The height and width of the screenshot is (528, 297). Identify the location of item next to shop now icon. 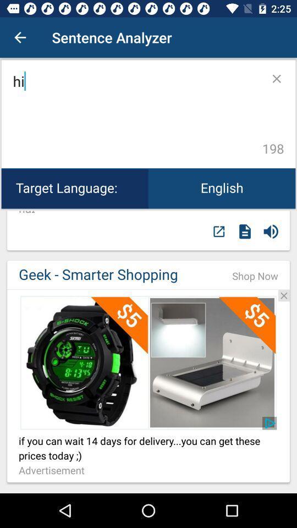
(113, 274).